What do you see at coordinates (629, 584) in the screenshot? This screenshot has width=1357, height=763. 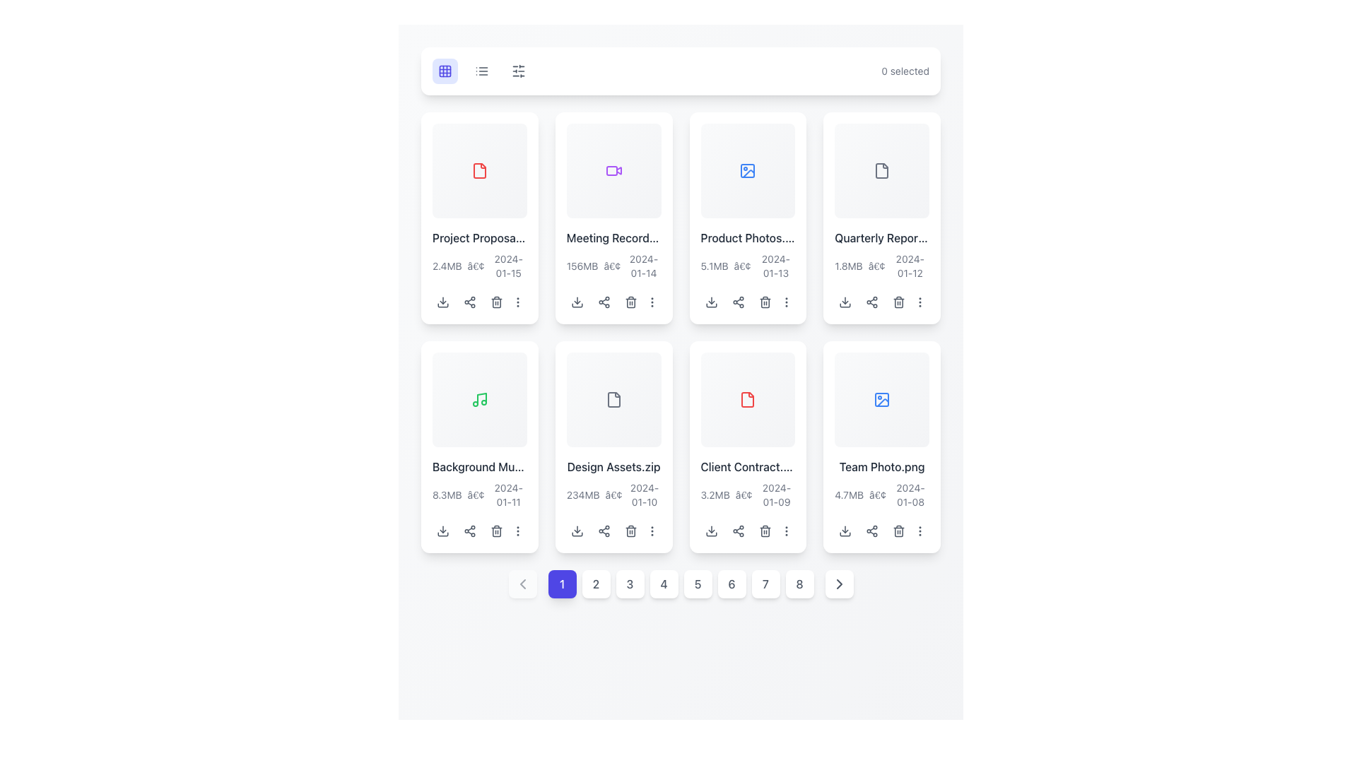 I see `the pagination button labeled '3' located in the center of the horizontal row at the bottom of the grid display` at bounding box center [629, 584].